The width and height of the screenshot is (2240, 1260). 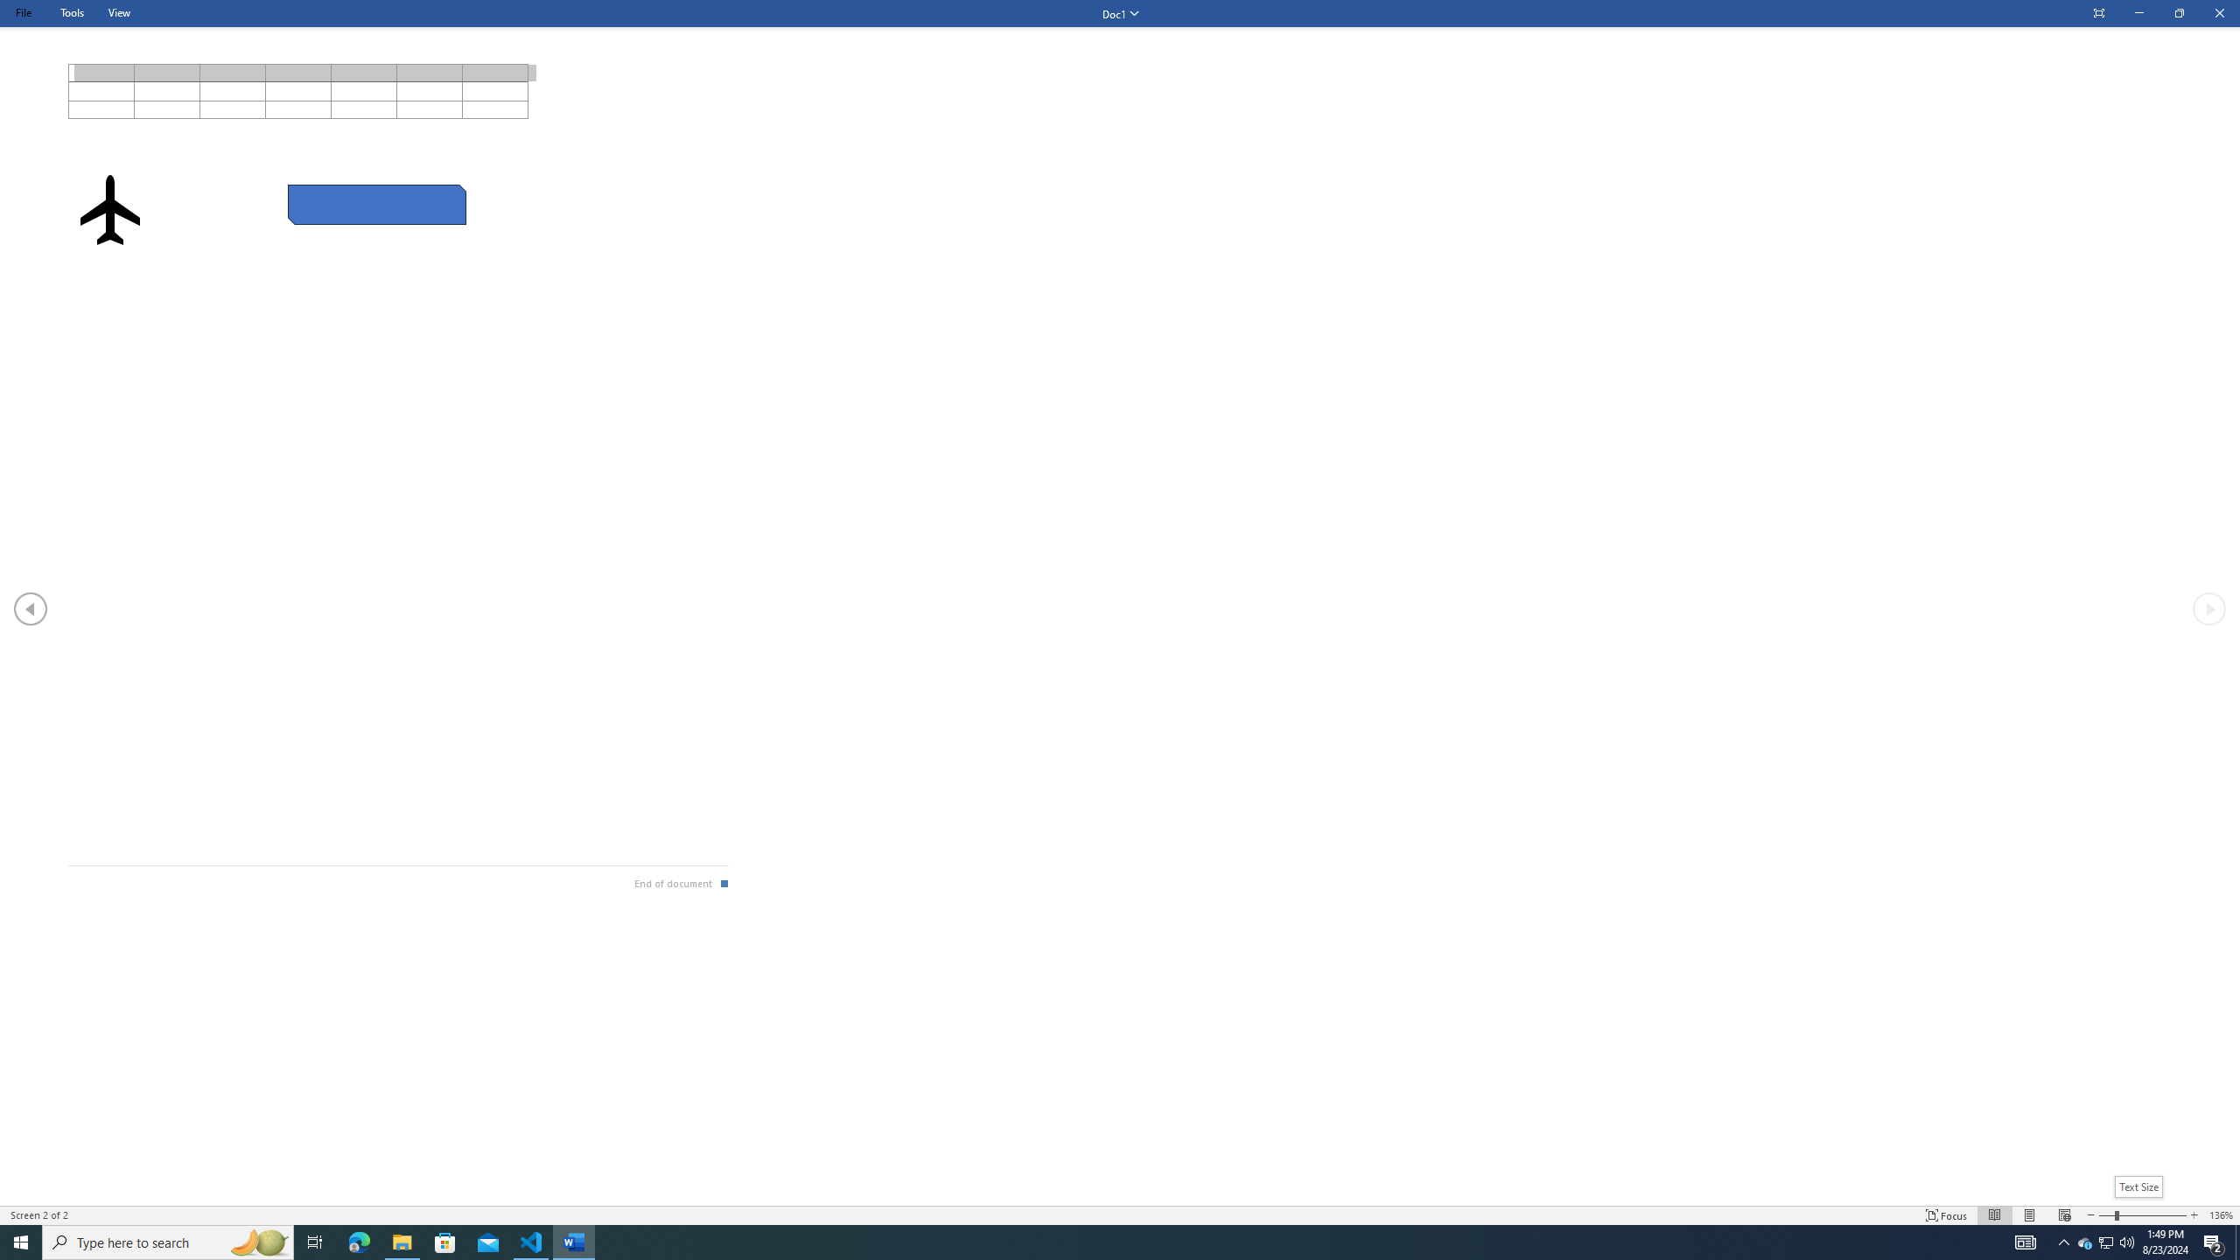 What do you see at coordinates (2097, 13) in the screenshot?
I see `'Auto-hide Reading Toolbar'` at bounding box center [2097, 13].